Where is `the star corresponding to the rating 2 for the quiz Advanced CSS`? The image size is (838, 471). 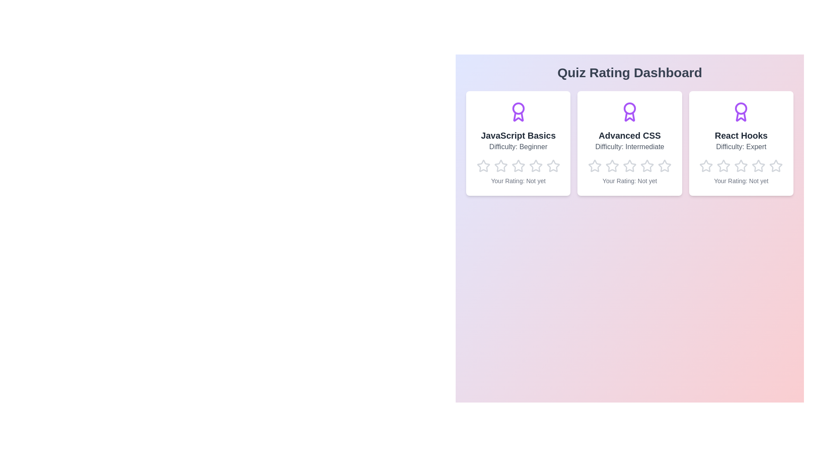 the star corresponding to the rating 2 for the quiz Advanced CSS is located at coordinates (605, 159).